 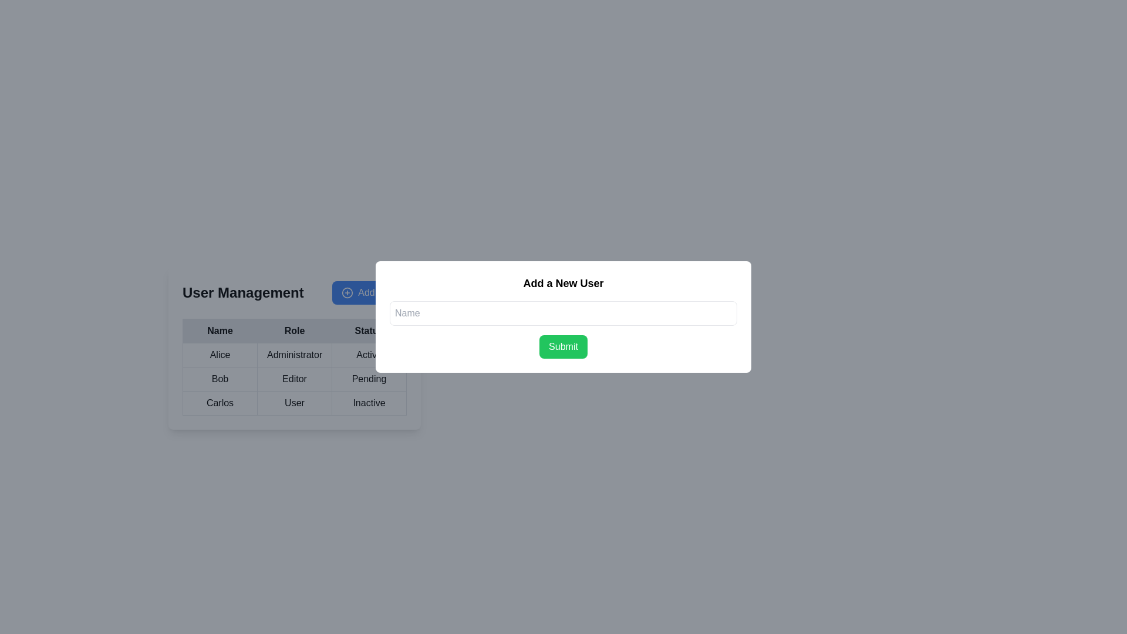 I want to click on the 'Status' text label, which is the third column header in a table layout, displayed in bold black font on a gray background, so click(x=368, y=331).